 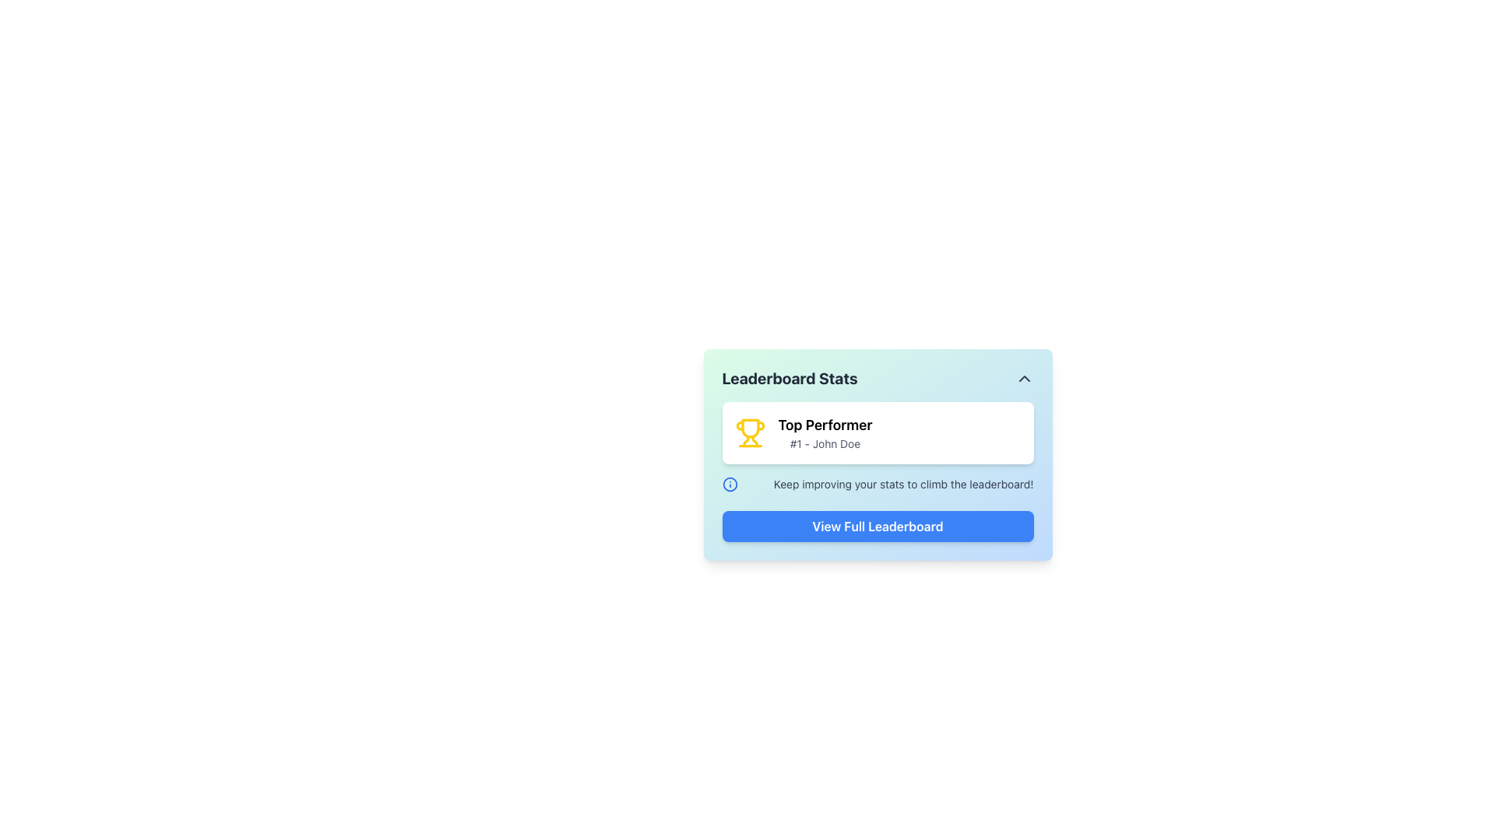 I want to click on the information icon located to the left of the text 'Keep improving your stats to climb the leaderboard!', so click(x=729, y=484).